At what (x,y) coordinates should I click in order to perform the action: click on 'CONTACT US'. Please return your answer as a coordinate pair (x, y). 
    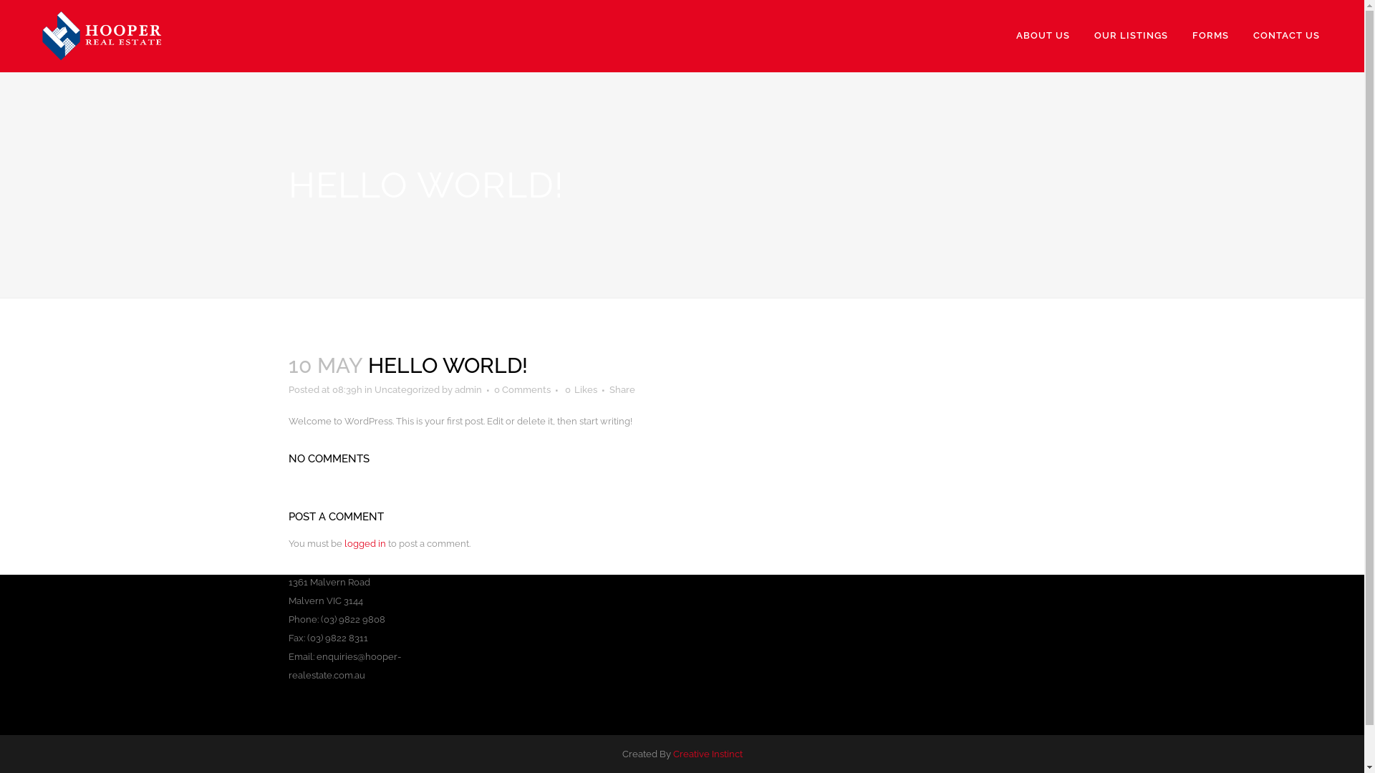
    Looking at the image, I should click on (1286, 35).